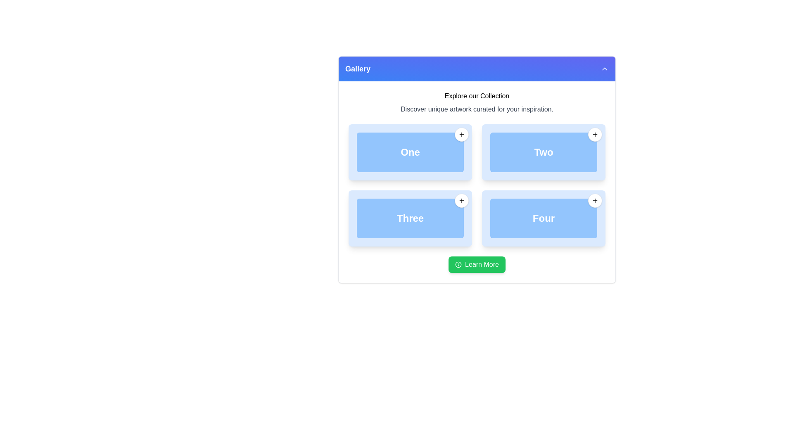  Describe the element at coordinates (461, 201) in the screenshot. I see `the circular button with a white background and a grey border that contains a plus symbol, located at the top-right corner of the card labeled 'Three'` at that location.